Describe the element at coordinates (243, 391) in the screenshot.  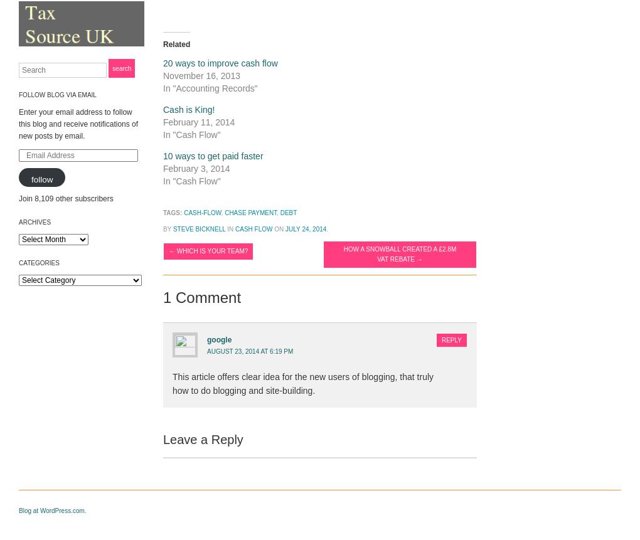
I see `'how to do blogging and site-building.'` at that location.